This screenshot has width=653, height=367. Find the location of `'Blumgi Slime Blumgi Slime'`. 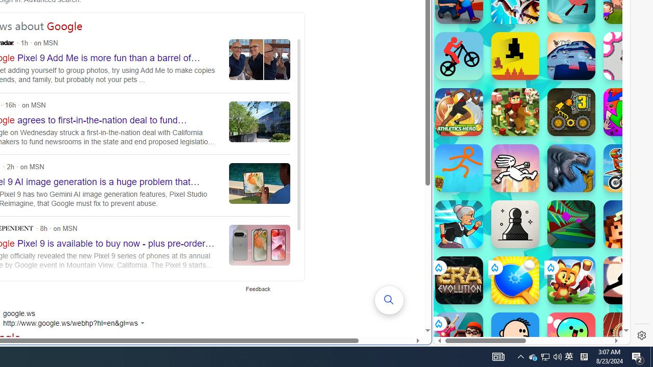

'Blumgi Slime Blumgi Slime' is located at coordinates (571, 336).